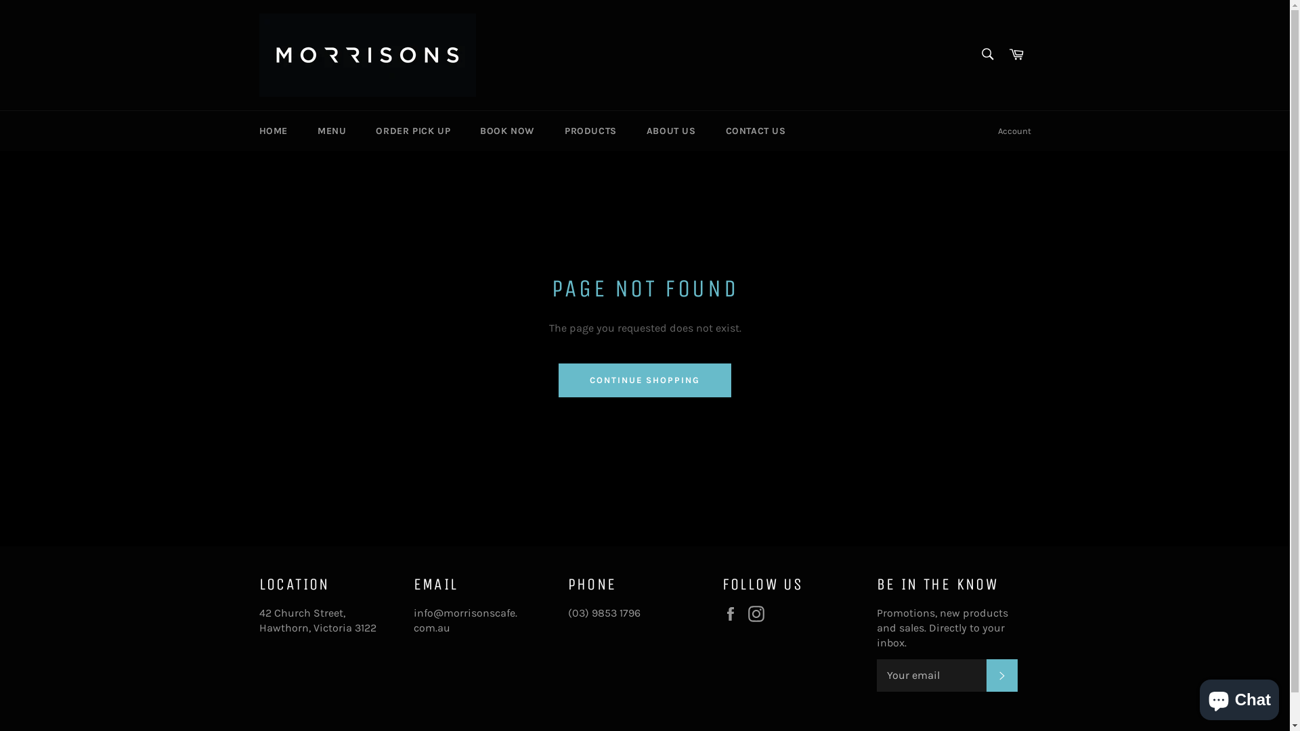  I want to click on 'Facebook', so click(720, 613).